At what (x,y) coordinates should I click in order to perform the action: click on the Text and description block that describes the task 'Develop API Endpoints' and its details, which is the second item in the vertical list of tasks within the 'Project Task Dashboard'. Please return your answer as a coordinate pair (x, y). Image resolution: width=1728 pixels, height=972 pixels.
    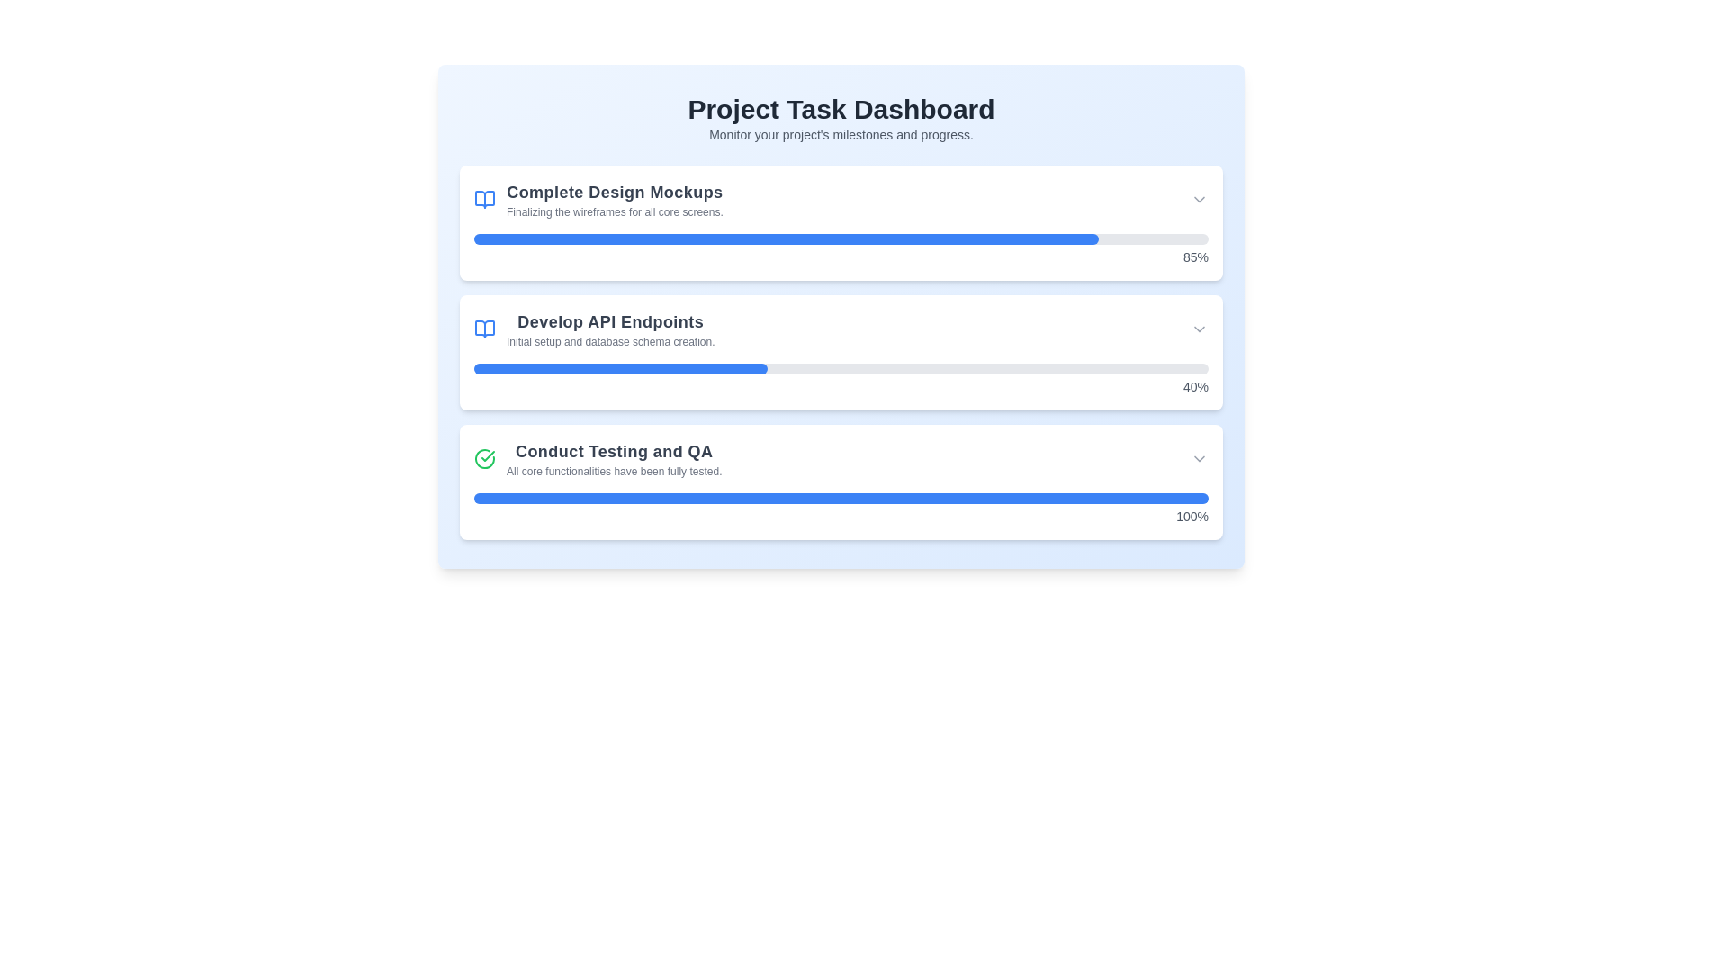
    Looking at the image, I should click on (610, 329).